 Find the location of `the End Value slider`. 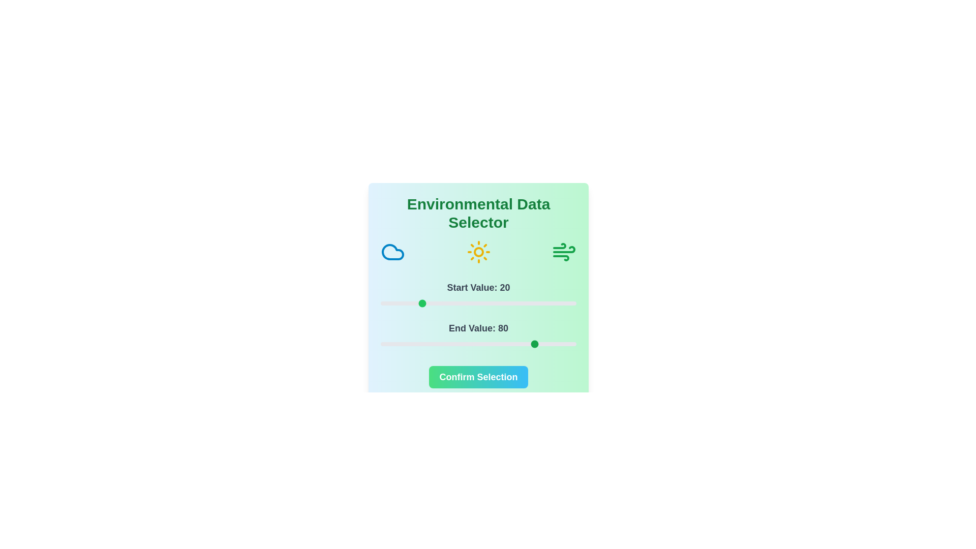

the End Value slider is located at coordinates (492, 344).